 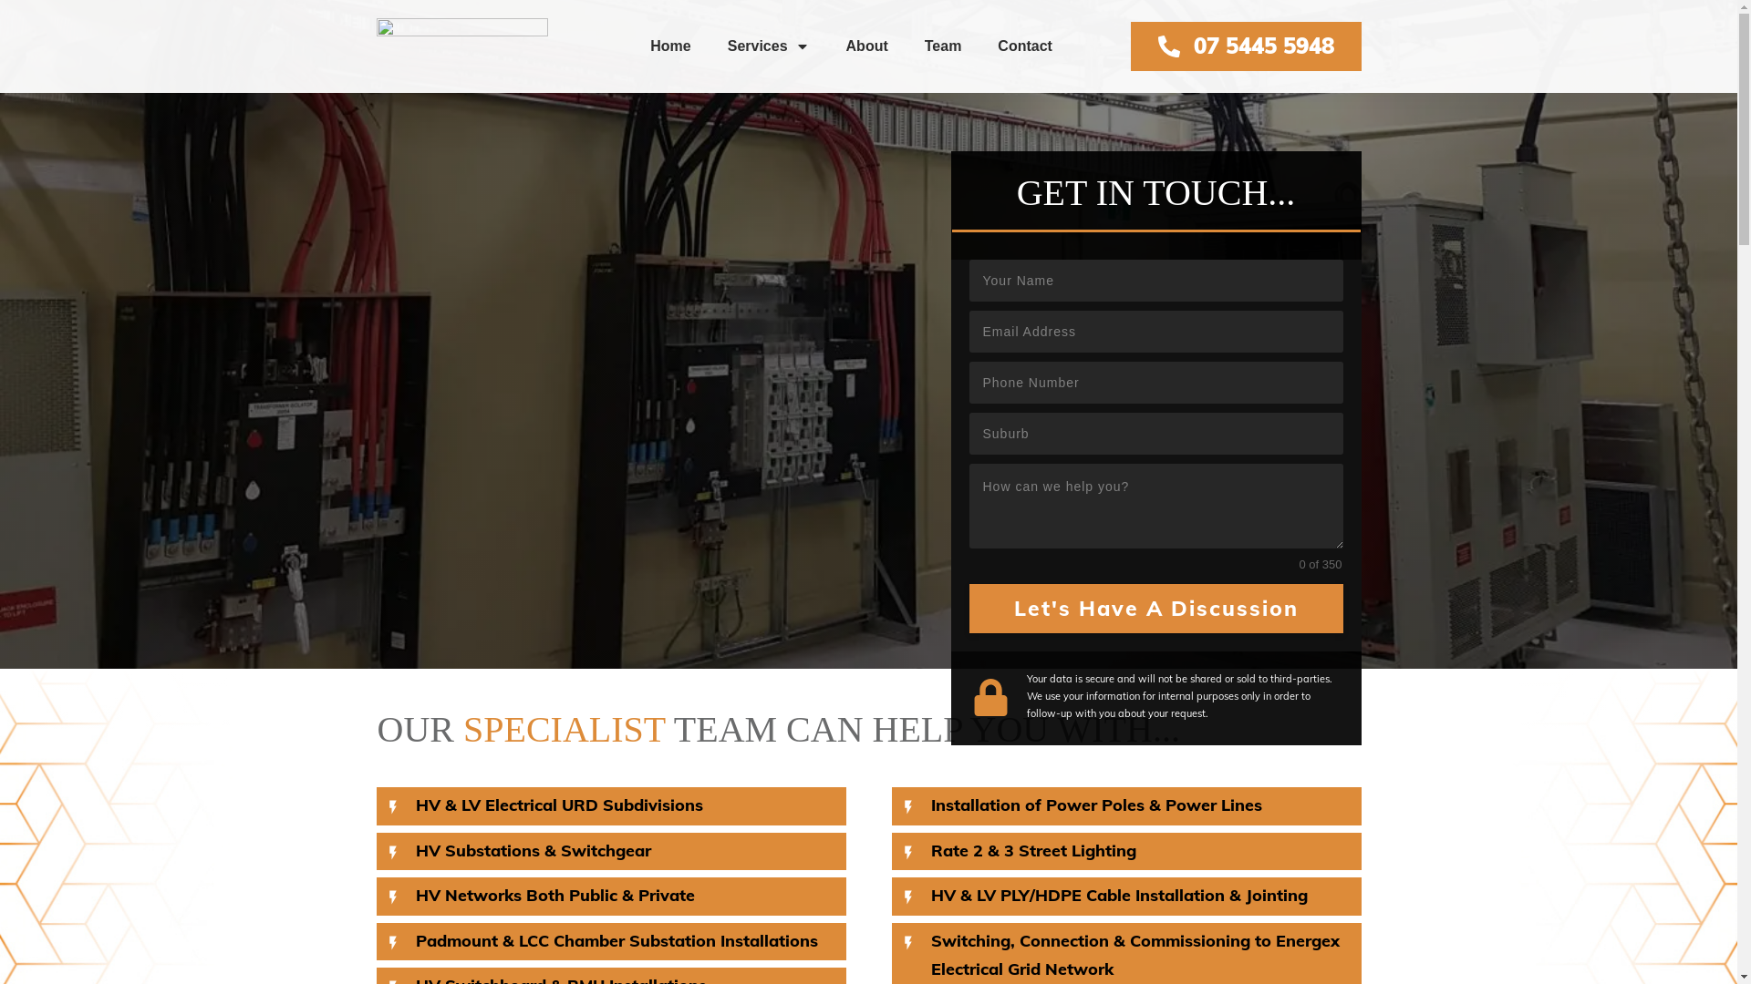 I want to click on 'Team', so click(x=943, y=45).